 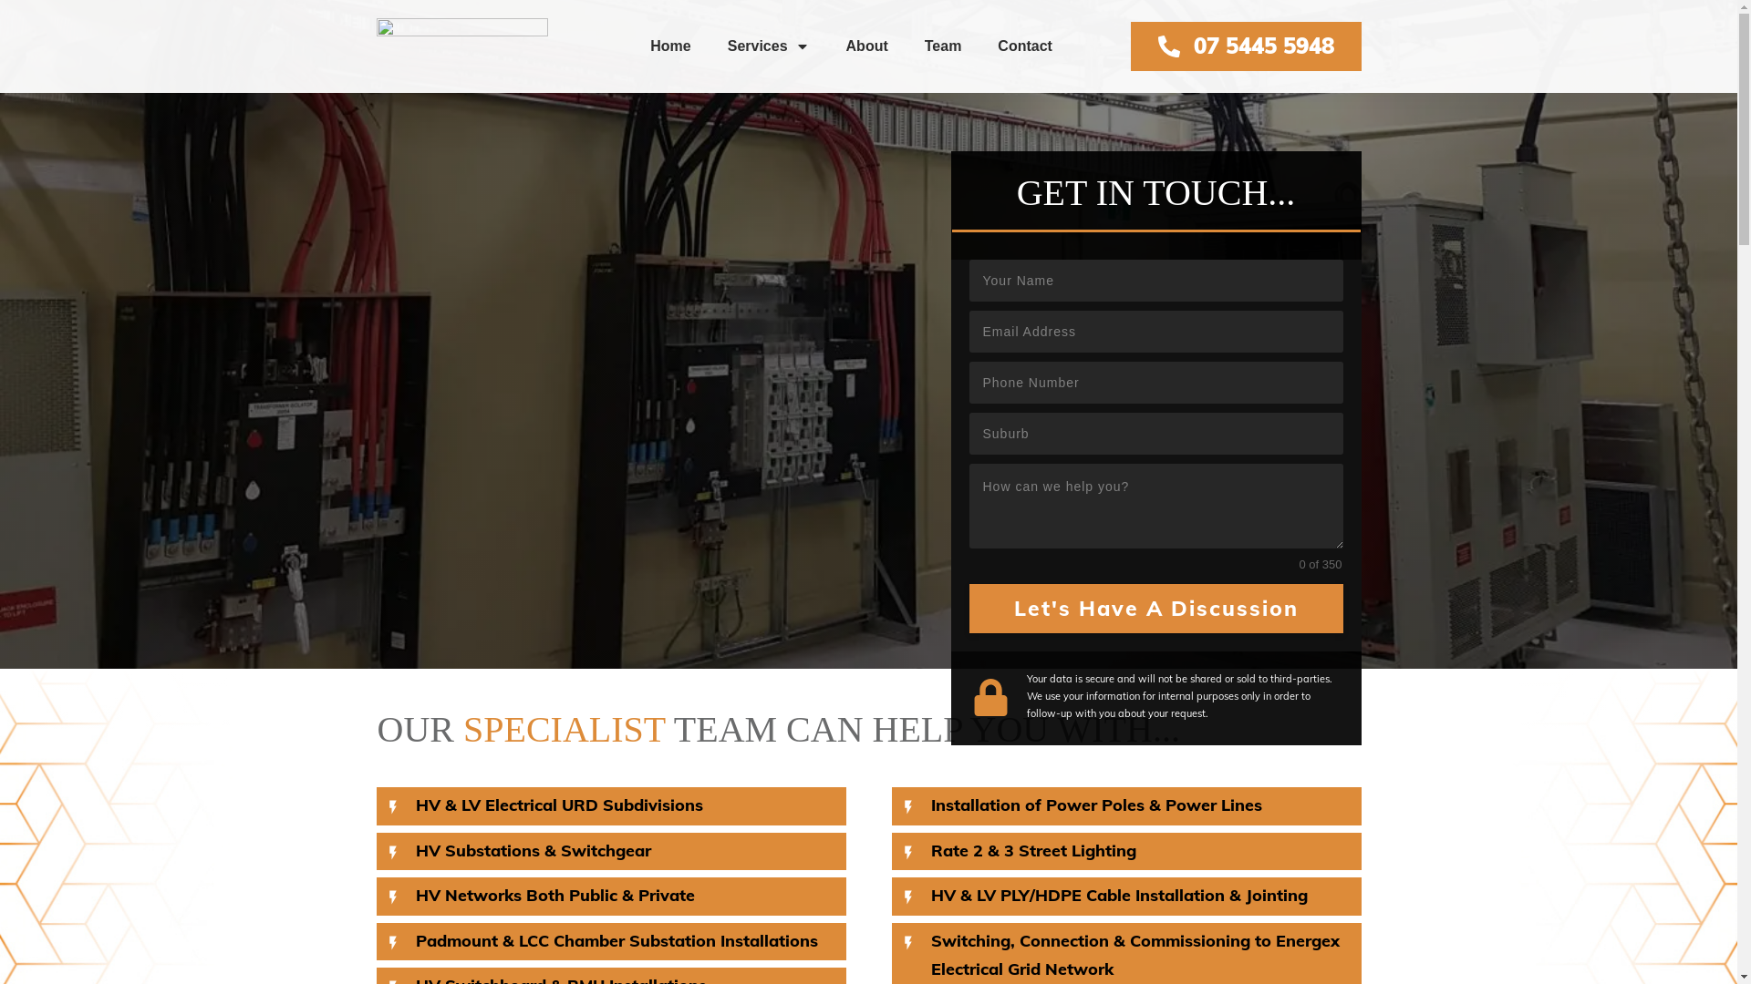 I want to click on 'Team', so click(x=943, y=45).